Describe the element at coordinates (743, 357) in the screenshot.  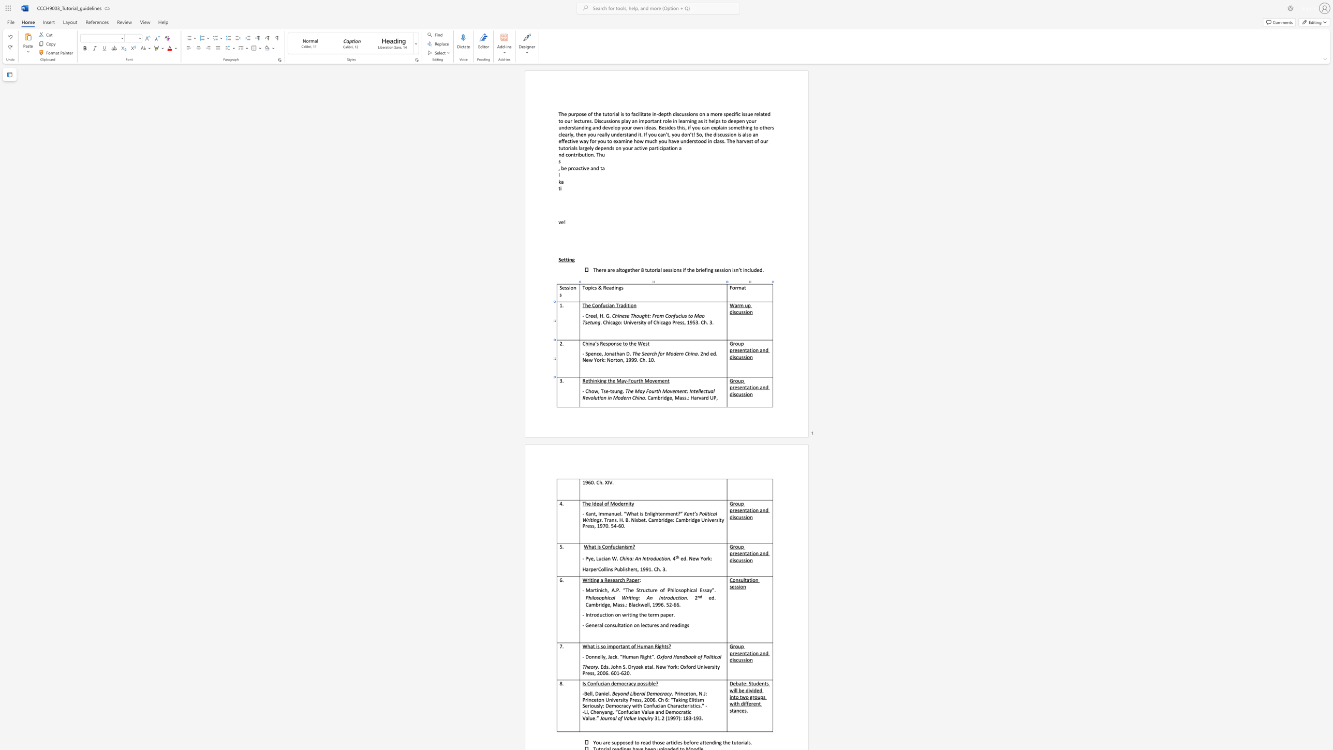
I see `the space between the continuous character "s" and "s" in the text` at that location.